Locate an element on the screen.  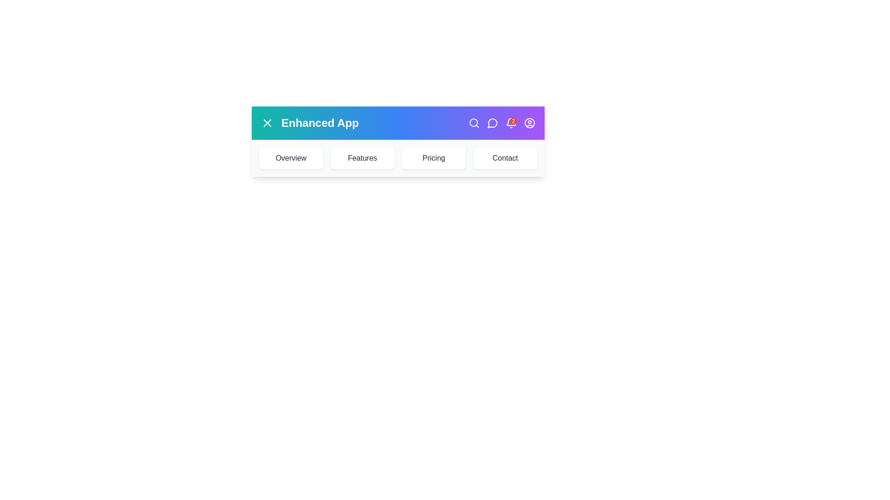
the Overview button to navigate to the corresponding section is located at coordinates (291, 158).